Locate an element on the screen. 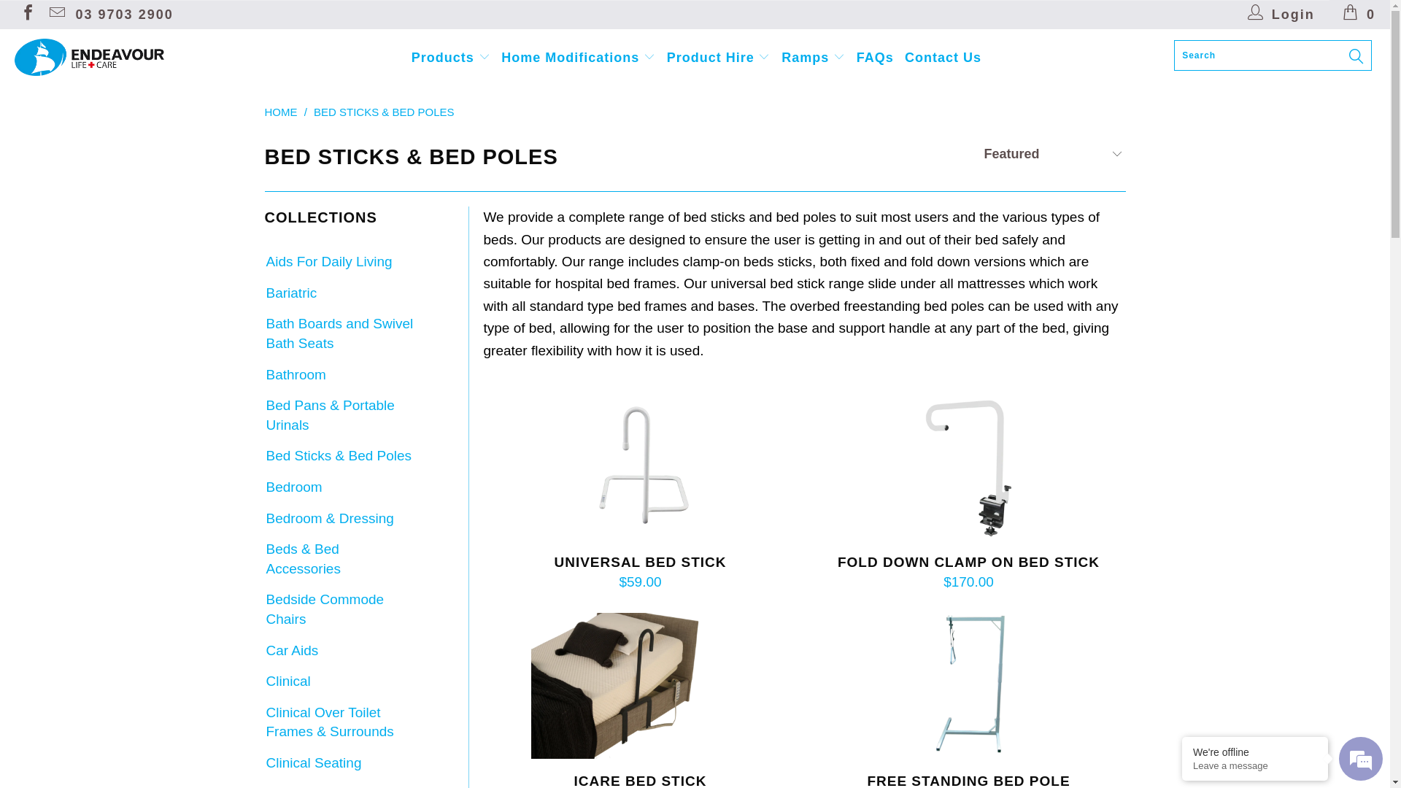 This screenshot has width=1401, height=788. 'Clinical' is located at coordinates (263, 681).